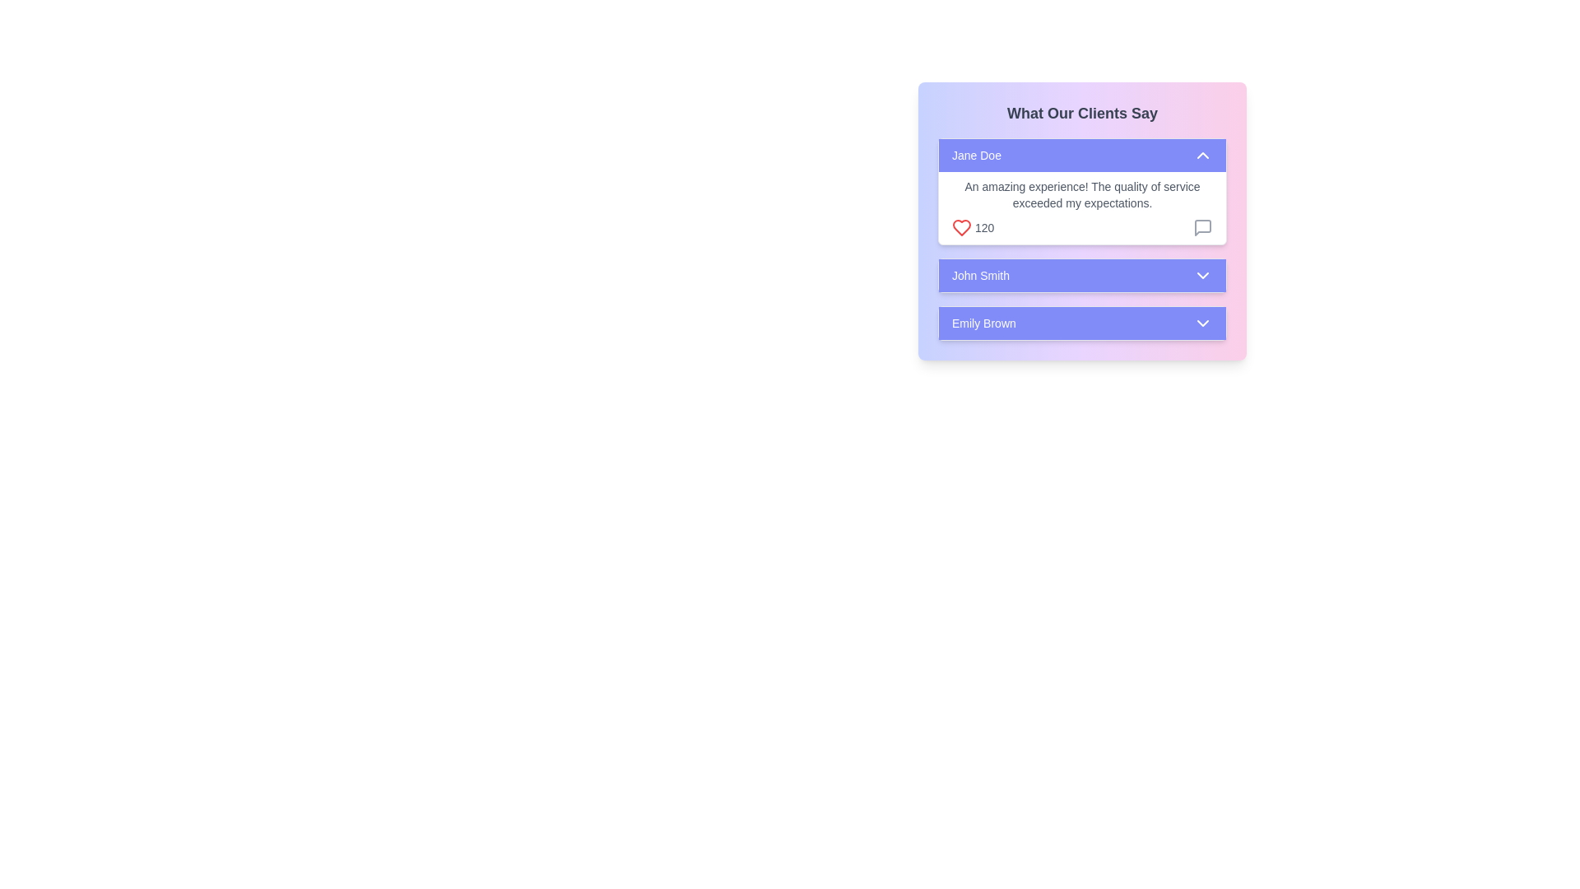  I want to click on the 'like' or 'favorite' icon located within the testimonial card for 'Jane Doe' to note its significance in the interface, so click(962, 228).